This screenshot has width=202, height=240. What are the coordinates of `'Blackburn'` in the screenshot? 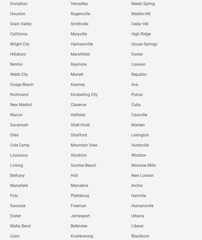 It's located at (140, 236).